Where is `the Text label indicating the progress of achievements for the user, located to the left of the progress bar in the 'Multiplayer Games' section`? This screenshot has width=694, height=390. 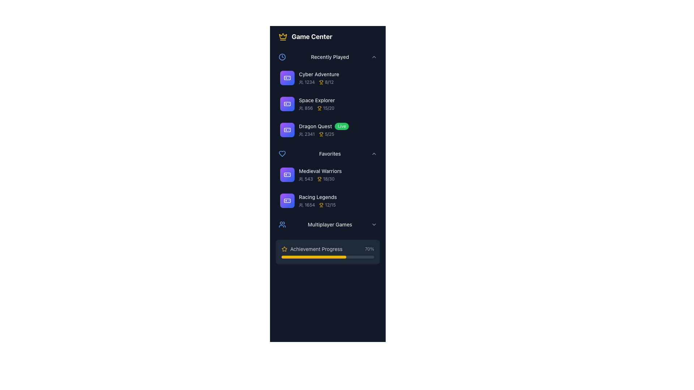
the Text label indicating the progress of achievements for the user, located to the left of the progress bar in the 'Multiplayer Games' section is located at coordinates (312, 249).